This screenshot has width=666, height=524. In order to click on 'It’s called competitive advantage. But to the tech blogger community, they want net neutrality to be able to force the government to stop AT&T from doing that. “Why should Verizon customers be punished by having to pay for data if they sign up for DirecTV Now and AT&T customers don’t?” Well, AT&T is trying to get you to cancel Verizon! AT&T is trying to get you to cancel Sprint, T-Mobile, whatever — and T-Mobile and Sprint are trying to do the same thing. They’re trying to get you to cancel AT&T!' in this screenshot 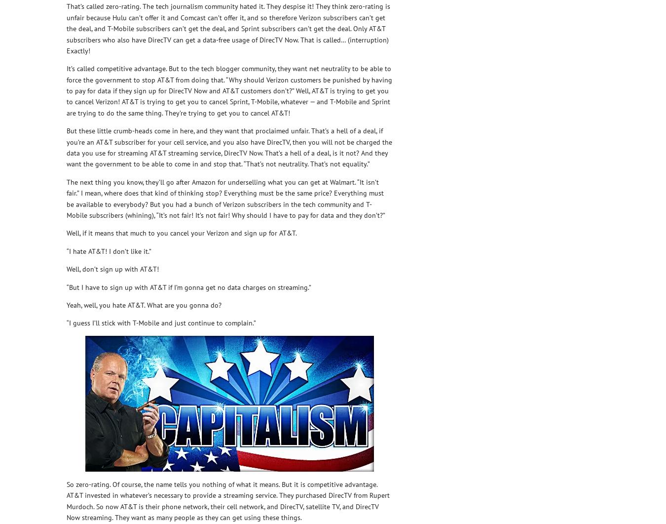, I will do `click(228, 90)`.